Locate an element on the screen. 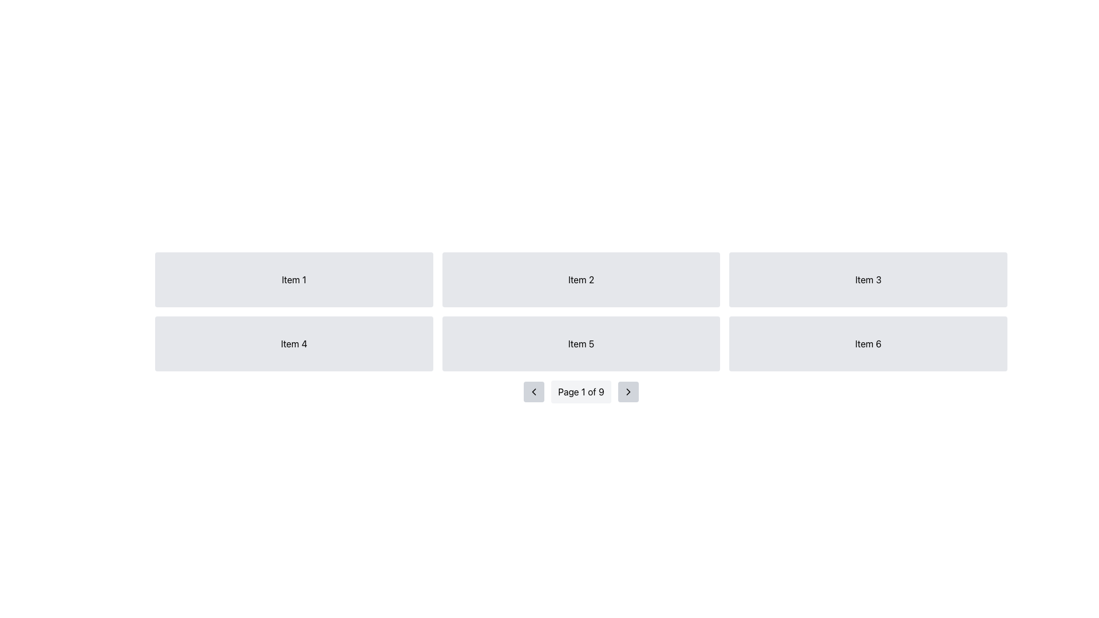 The height and width of the screenshot is (618, 1099). the left navigation chevron icon in the pagination control is located at coordinates (533, 391).